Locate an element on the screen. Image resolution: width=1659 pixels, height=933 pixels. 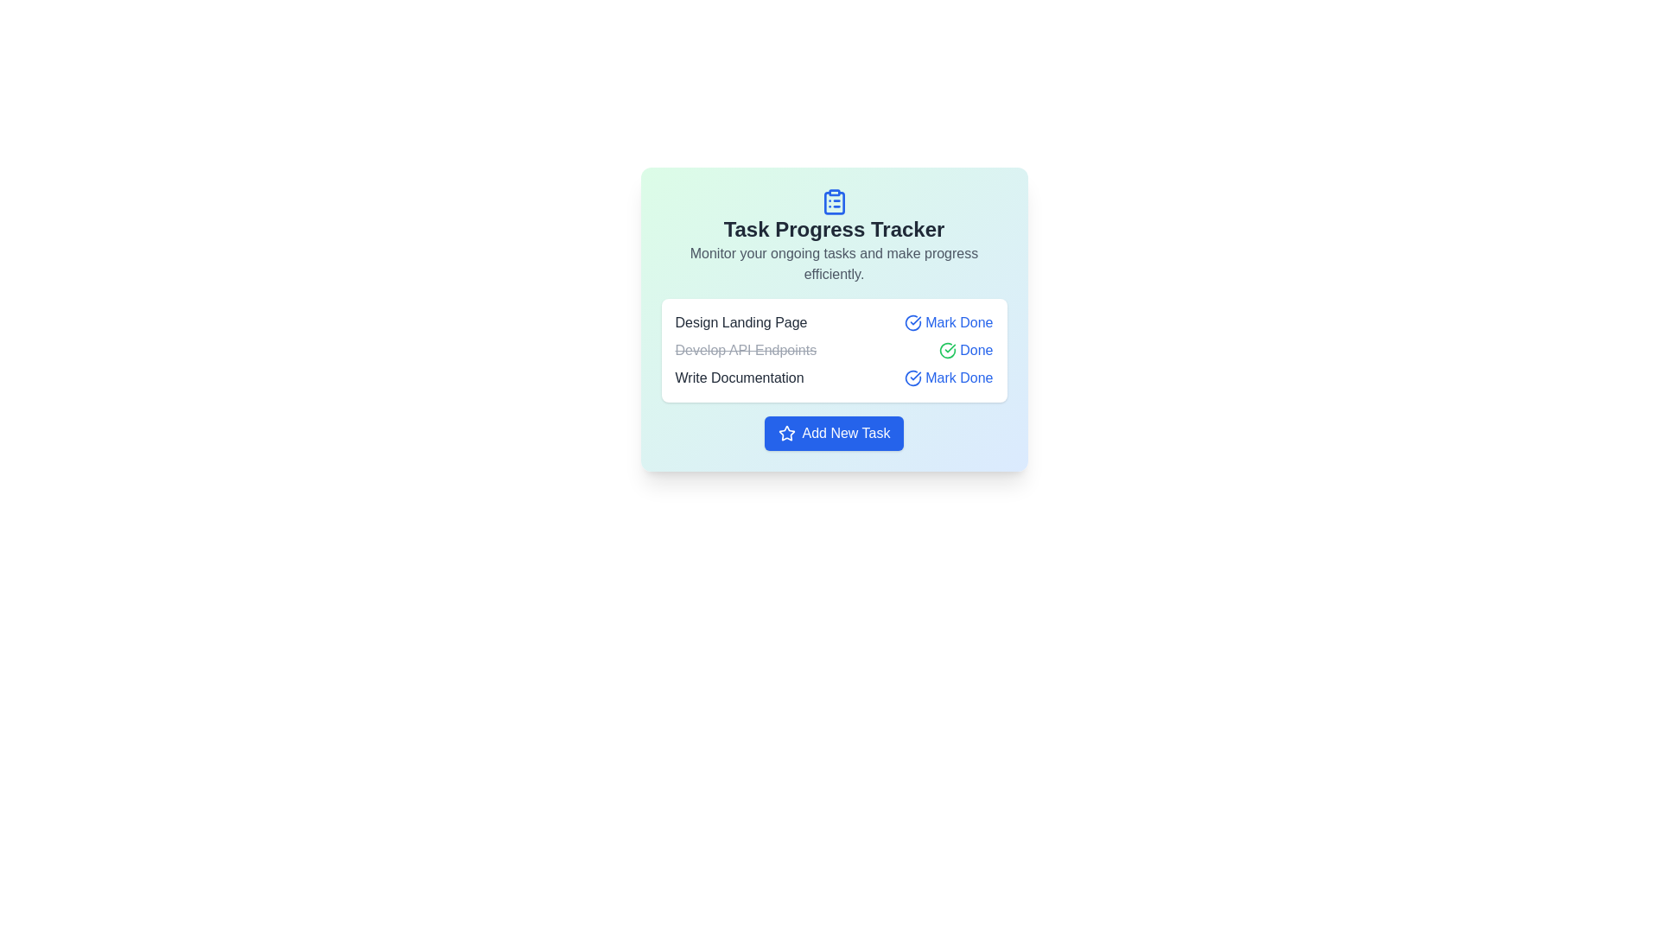
the completed task name located in the second item of the task list, which visually indicates completion with a green check icon is located at coordinates (834, 350).